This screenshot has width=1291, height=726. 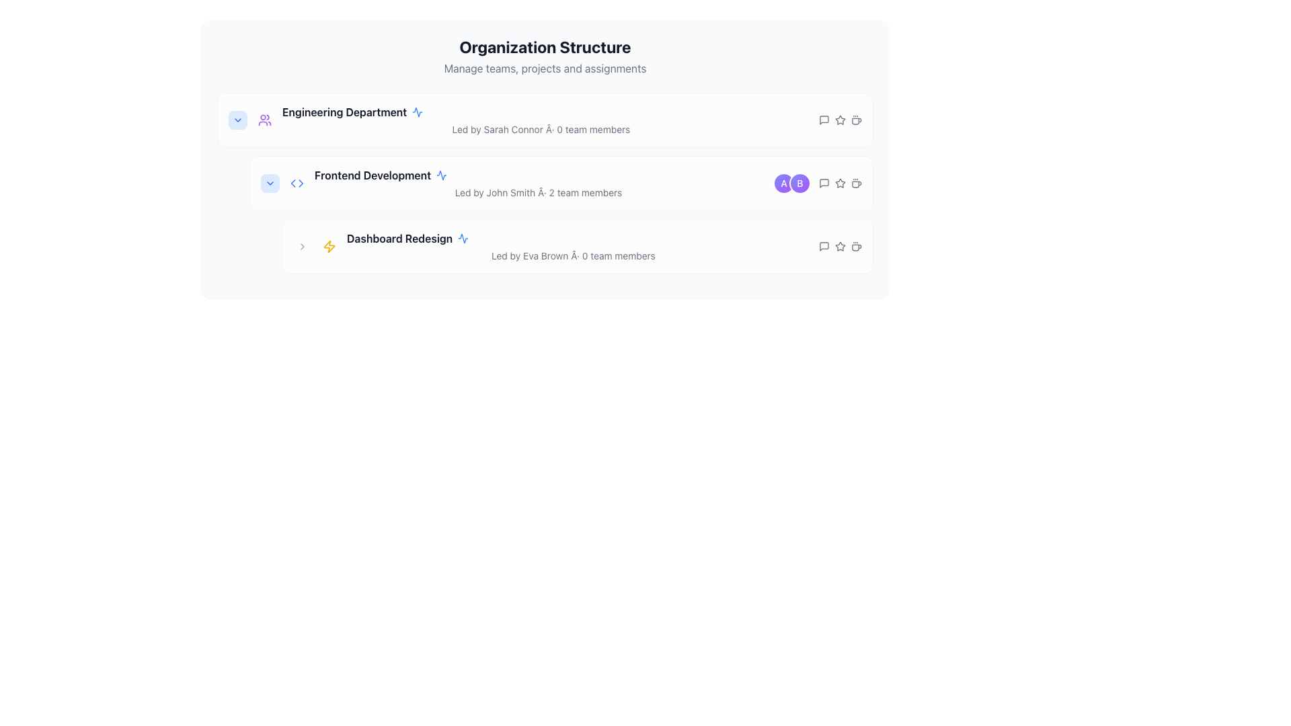 I want to click on details displayed in the informational block about the 'Frontend Development' project, which is located between the 'Engineering Department' and 'Dashboard Redesign' in the vertically-aligned list of team projects, so click(x=539, y=184).